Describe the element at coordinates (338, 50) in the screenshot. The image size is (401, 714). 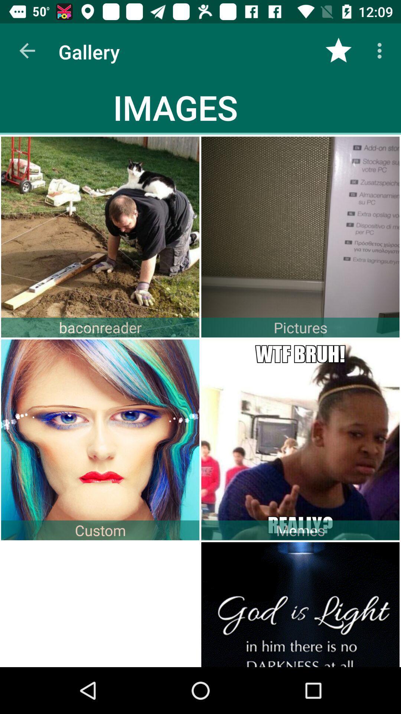
I see `the item to the right of the images` at that location.